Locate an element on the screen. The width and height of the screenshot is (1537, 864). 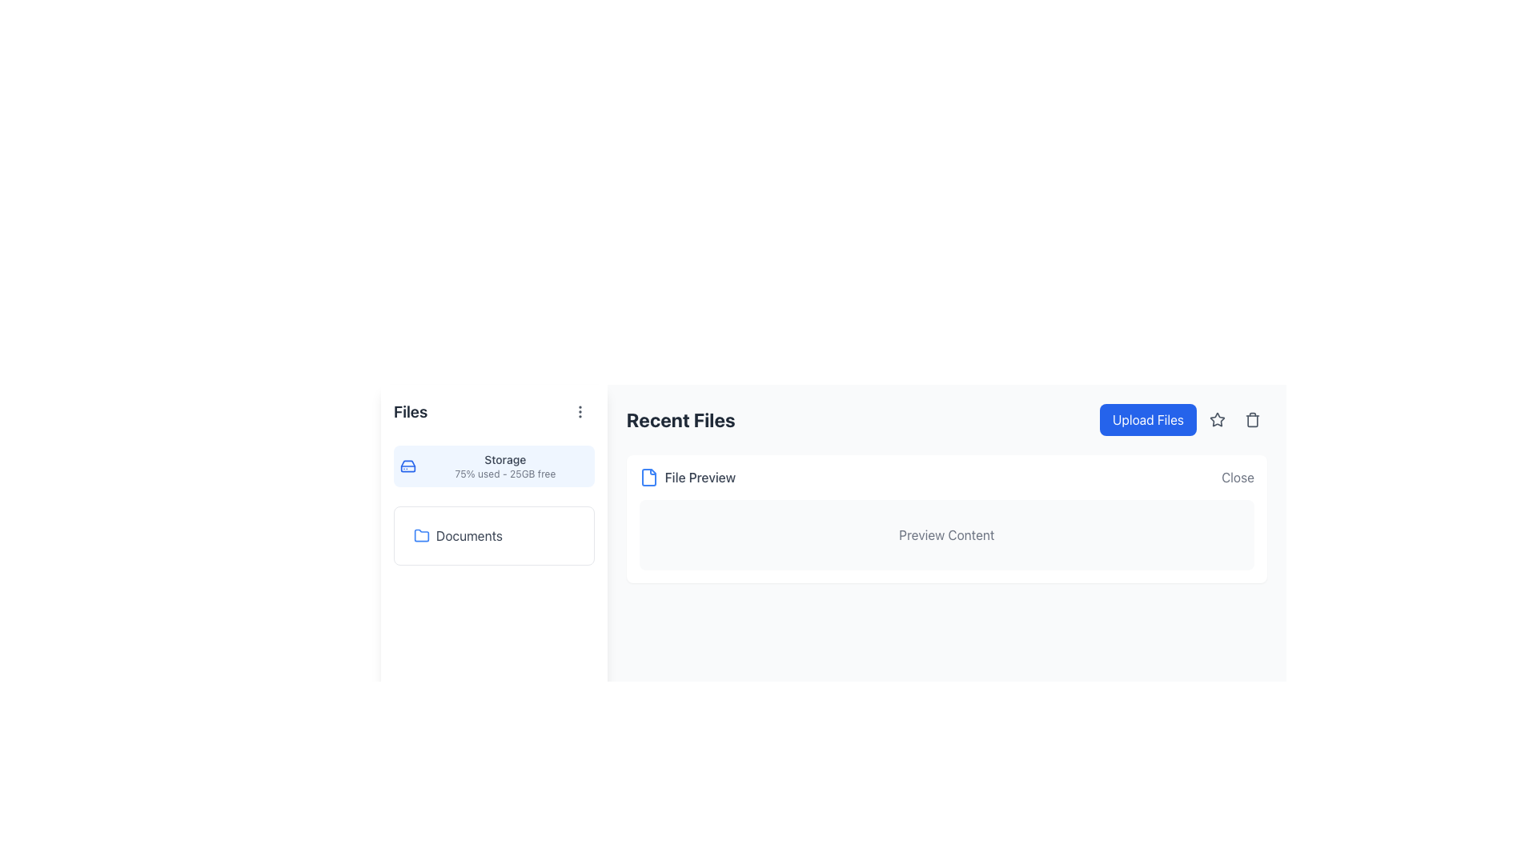
the vertical ellipsis icon, styled in light gray, located near the upper-right corner of the 'Files' panel is located at coordinates (579, 411).